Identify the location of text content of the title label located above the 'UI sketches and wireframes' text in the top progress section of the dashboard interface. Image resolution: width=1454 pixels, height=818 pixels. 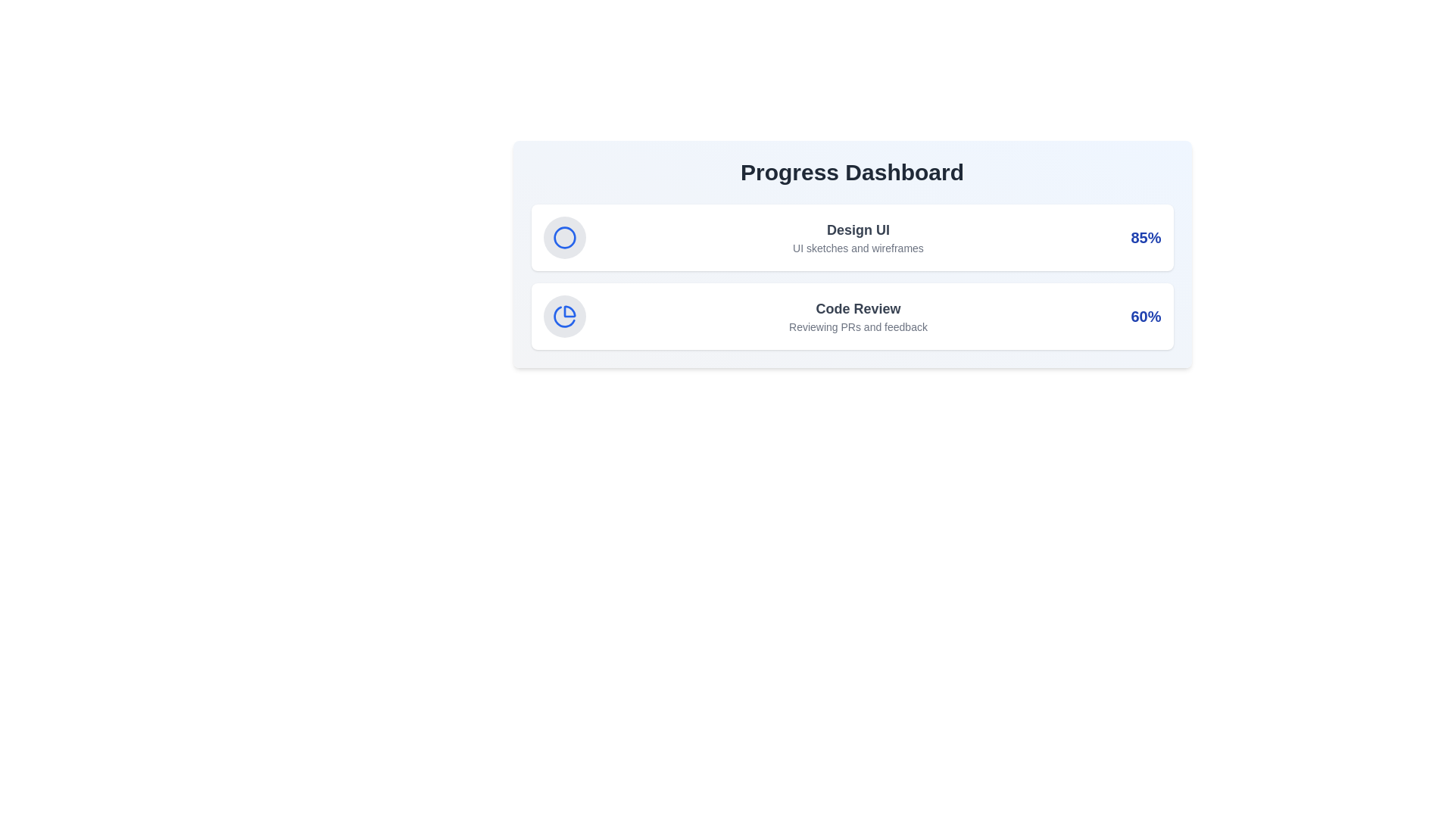
(858, 230).